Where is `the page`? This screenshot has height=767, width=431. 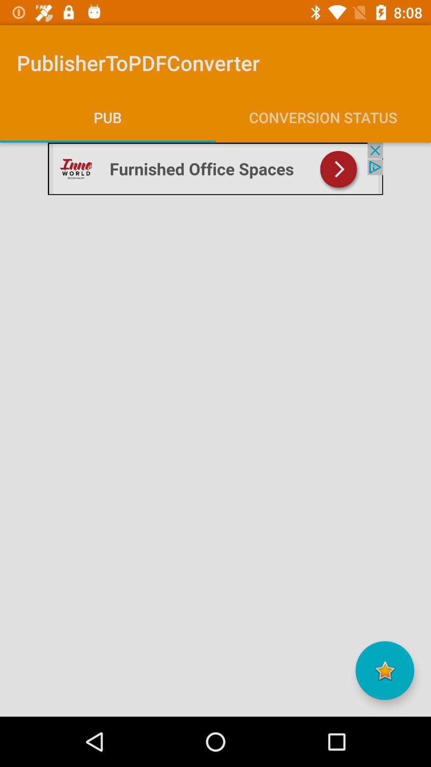 the page is located at coordinates (384, 670).